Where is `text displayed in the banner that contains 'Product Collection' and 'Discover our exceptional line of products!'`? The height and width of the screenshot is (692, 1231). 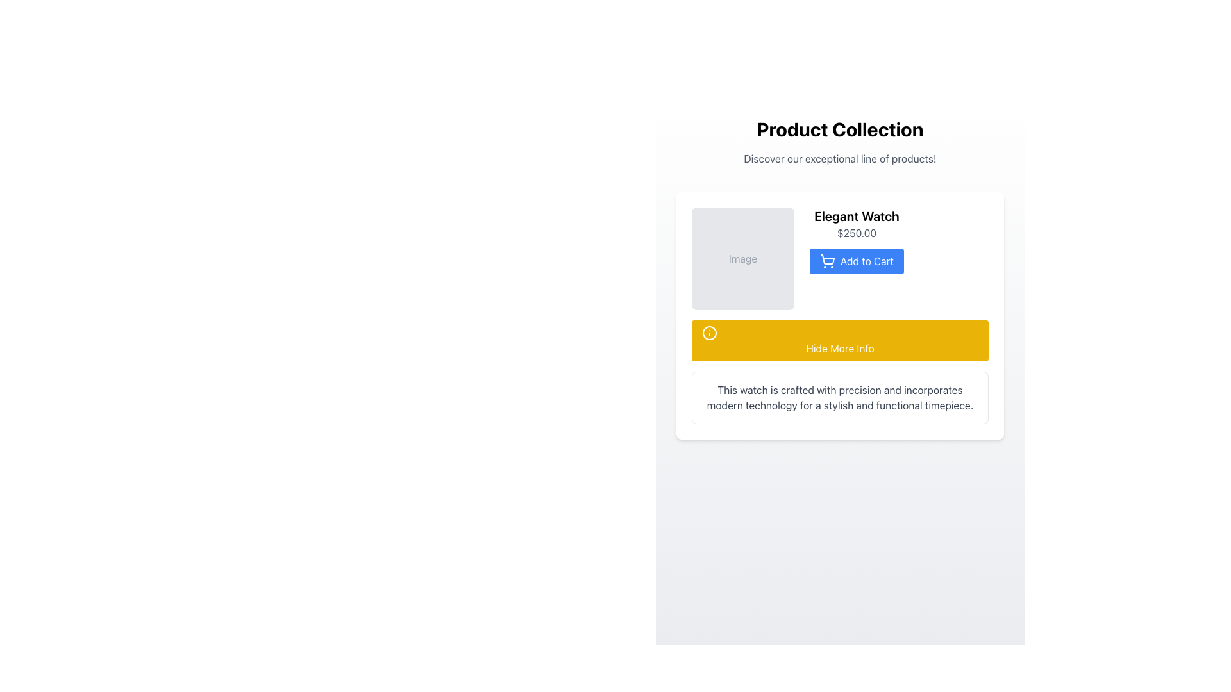
text displayed in the banner that contains 'Product Collection' and 'Discover our exceptional line of products!' is located at coordinates (840, 142).